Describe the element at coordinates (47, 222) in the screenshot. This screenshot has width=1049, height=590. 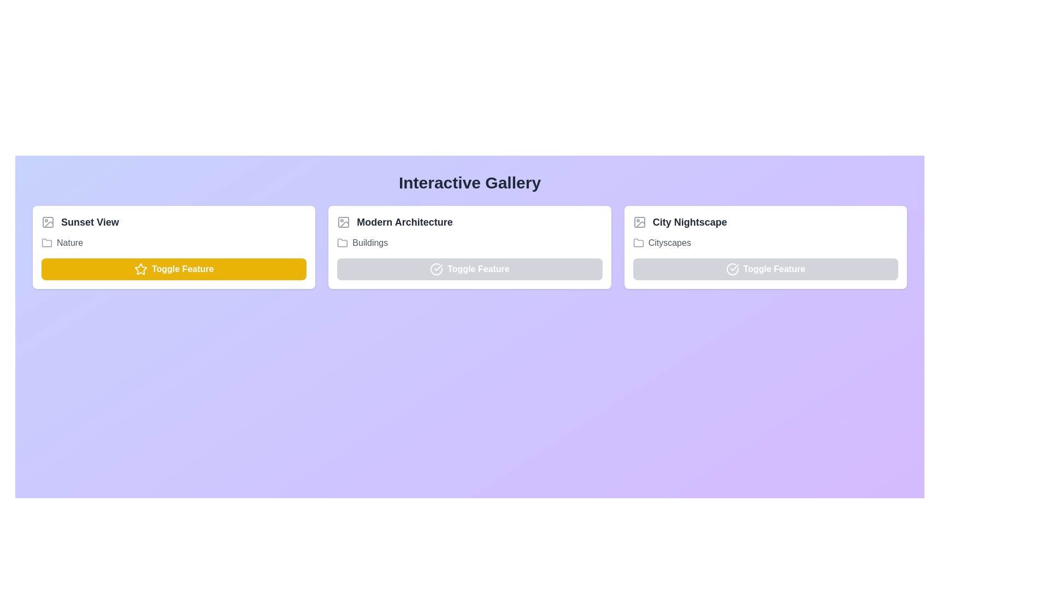
I see `the icon depicting an image frame with a small circle located in the top-left corner of the 'Sunset View' card` at that location.